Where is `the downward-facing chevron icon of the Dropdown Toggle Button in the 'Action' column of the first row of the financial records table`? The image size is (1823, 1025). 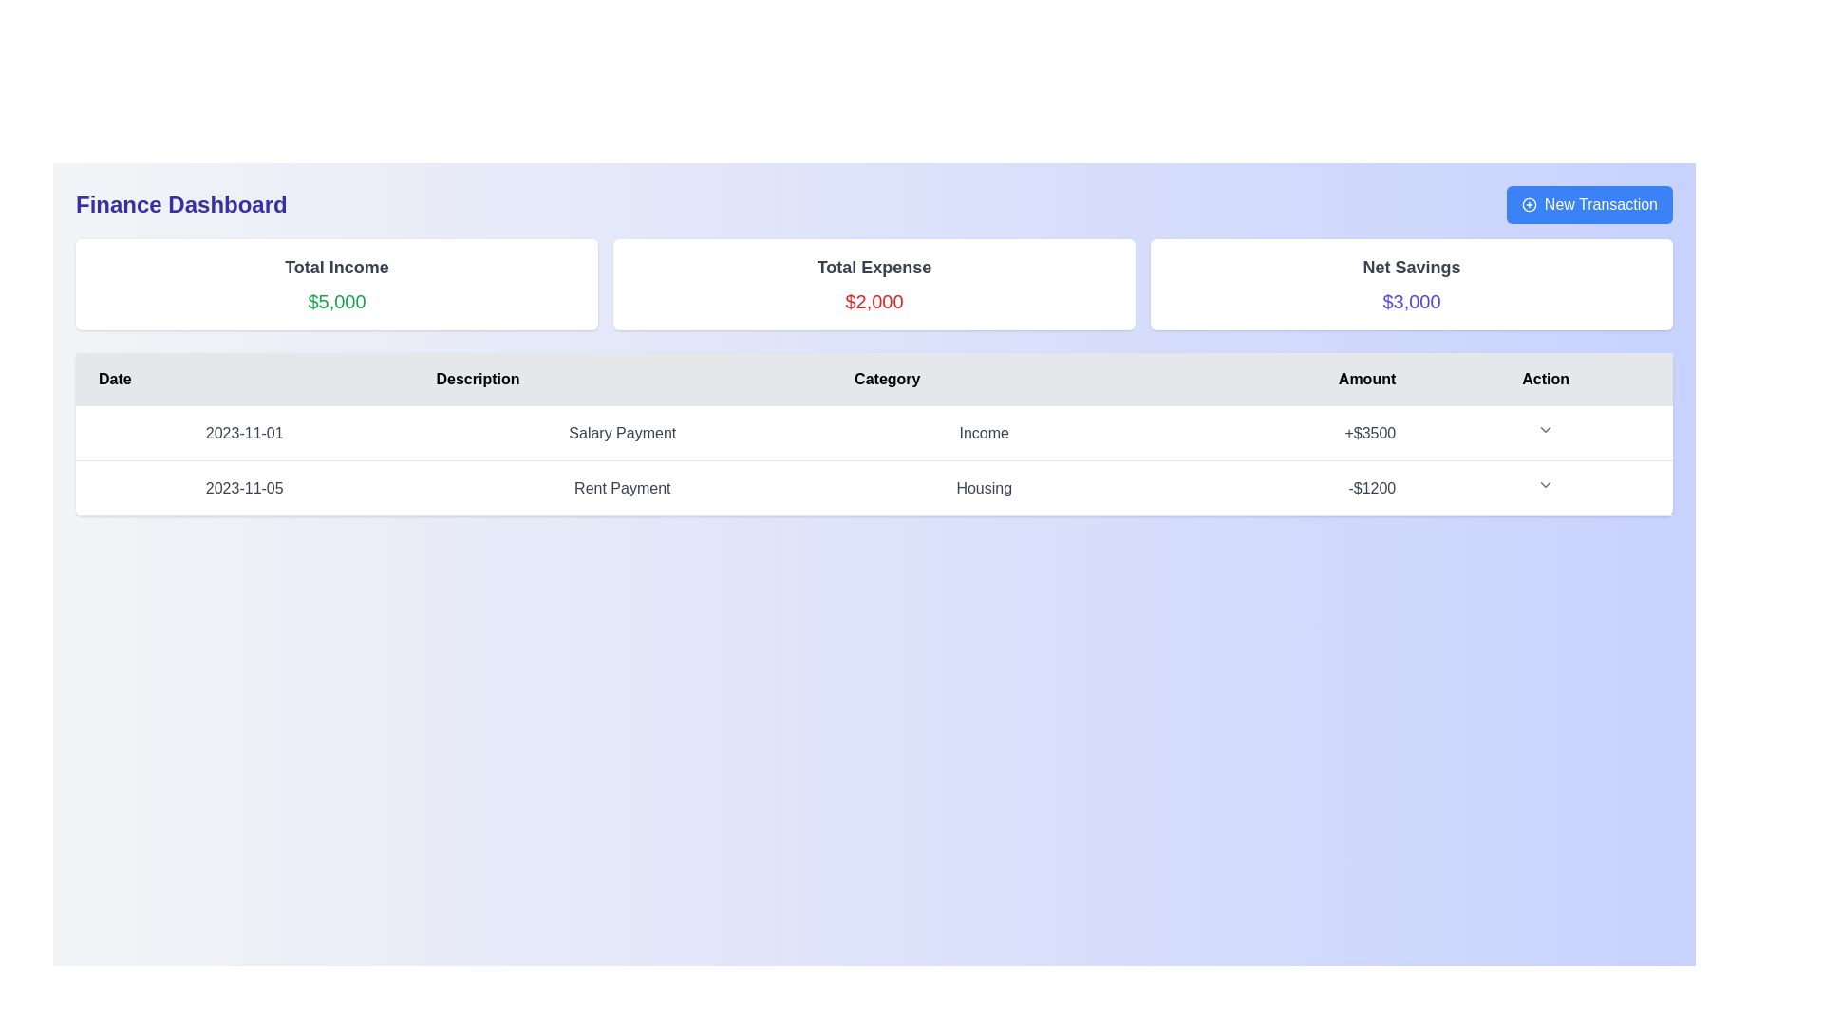 the downward-facing chevron icon of the Dropdown Toggle Button in the 'Action' column of the first row of the financial records table is located at coordinates (1546, 429).